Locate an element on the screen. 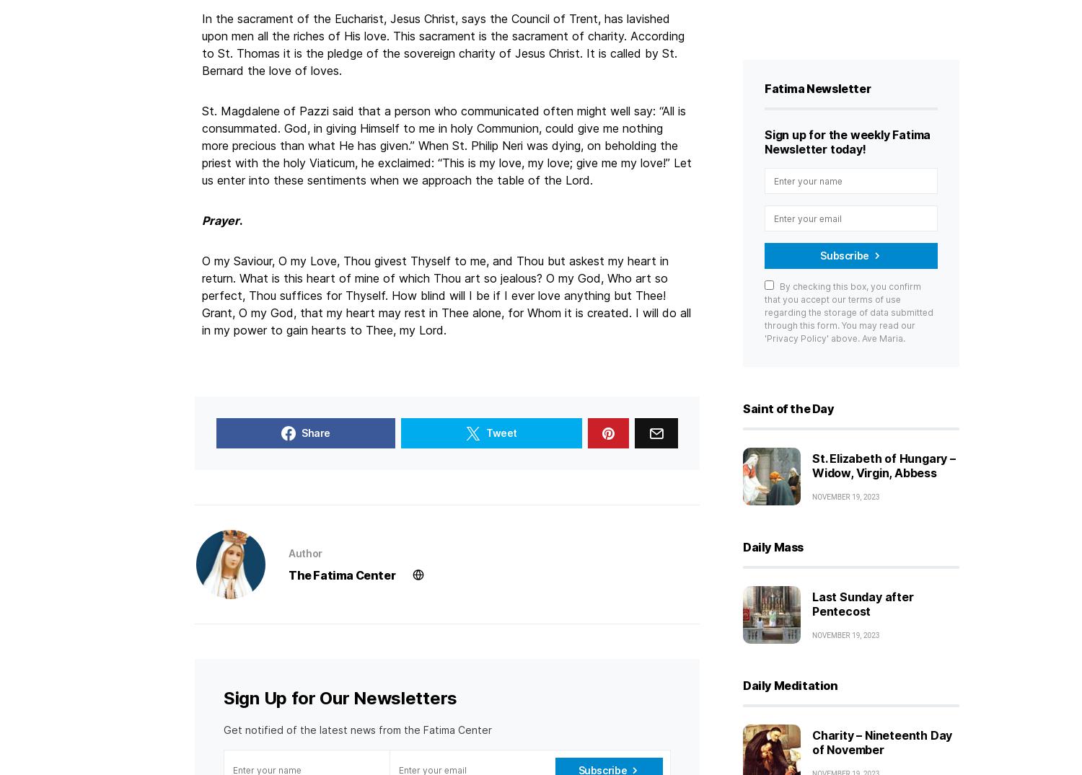  'Author' is located at coordinates (304, 552).